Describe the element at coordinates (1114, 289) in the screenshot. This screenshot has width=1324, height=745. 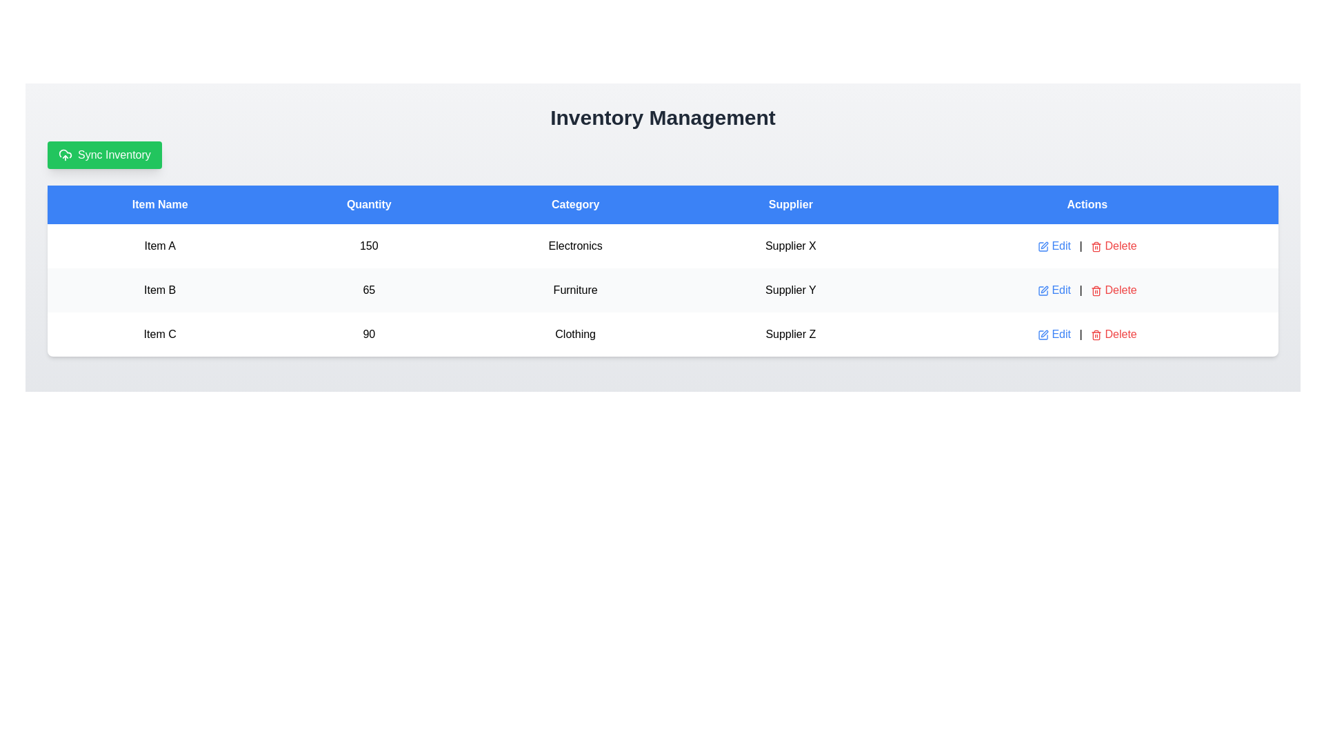
I see `the 'Delete' text link styled in red font with a trash bin icon, located in the 'Actions' column next to 'Item B', to underline the text` at that location.